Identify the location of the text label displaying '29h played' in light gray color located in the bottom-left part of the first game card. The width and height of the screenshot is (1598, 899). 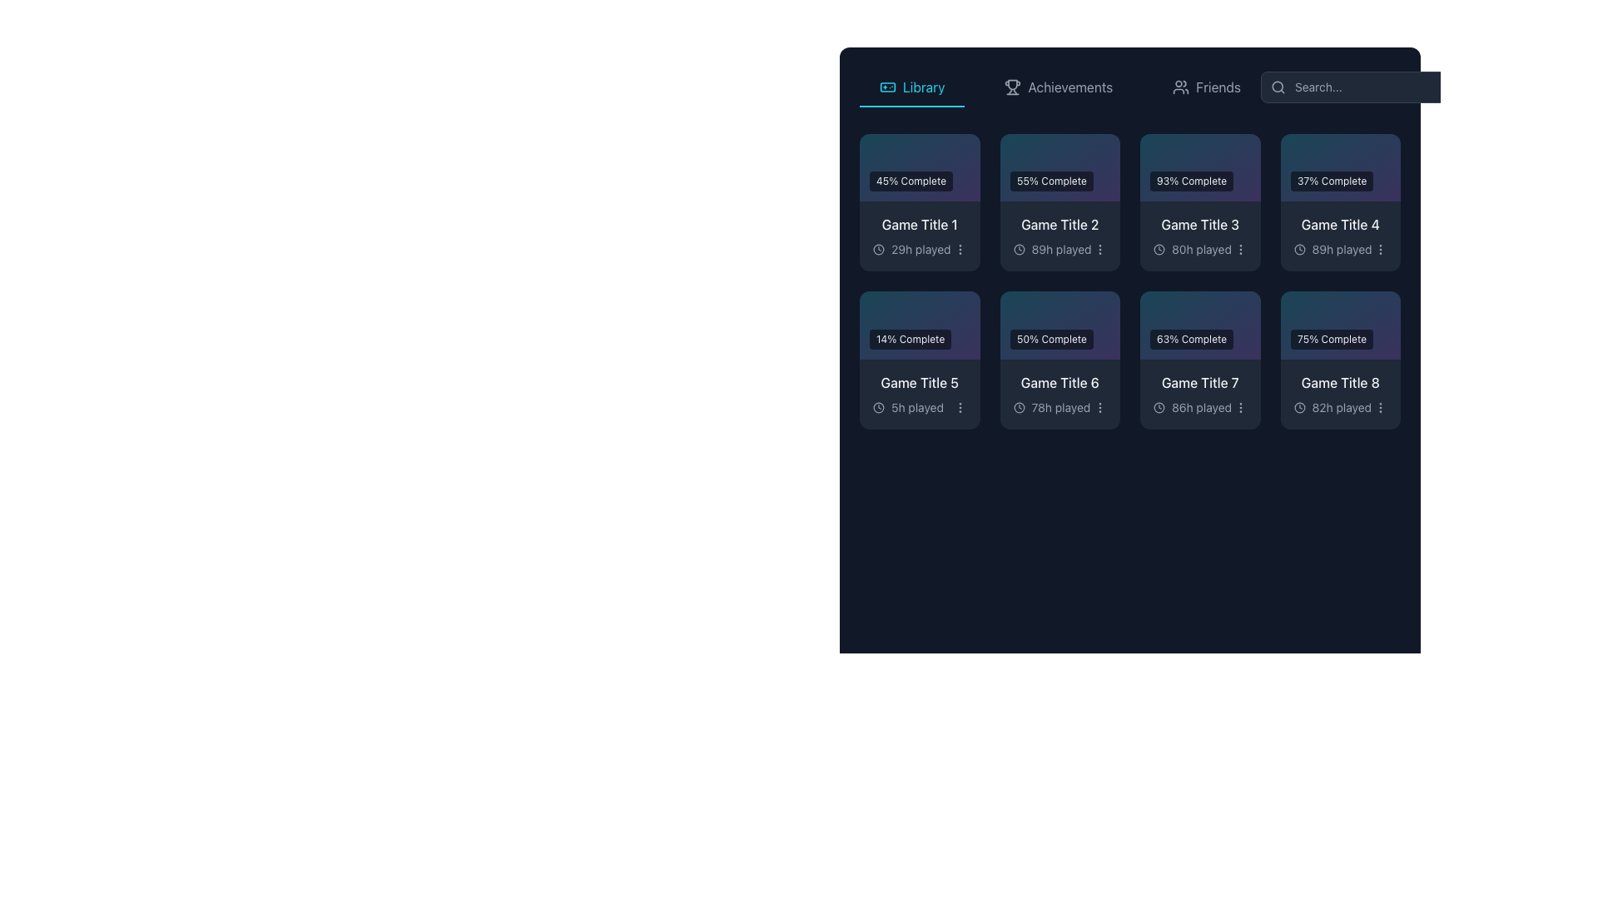
(920, 250).